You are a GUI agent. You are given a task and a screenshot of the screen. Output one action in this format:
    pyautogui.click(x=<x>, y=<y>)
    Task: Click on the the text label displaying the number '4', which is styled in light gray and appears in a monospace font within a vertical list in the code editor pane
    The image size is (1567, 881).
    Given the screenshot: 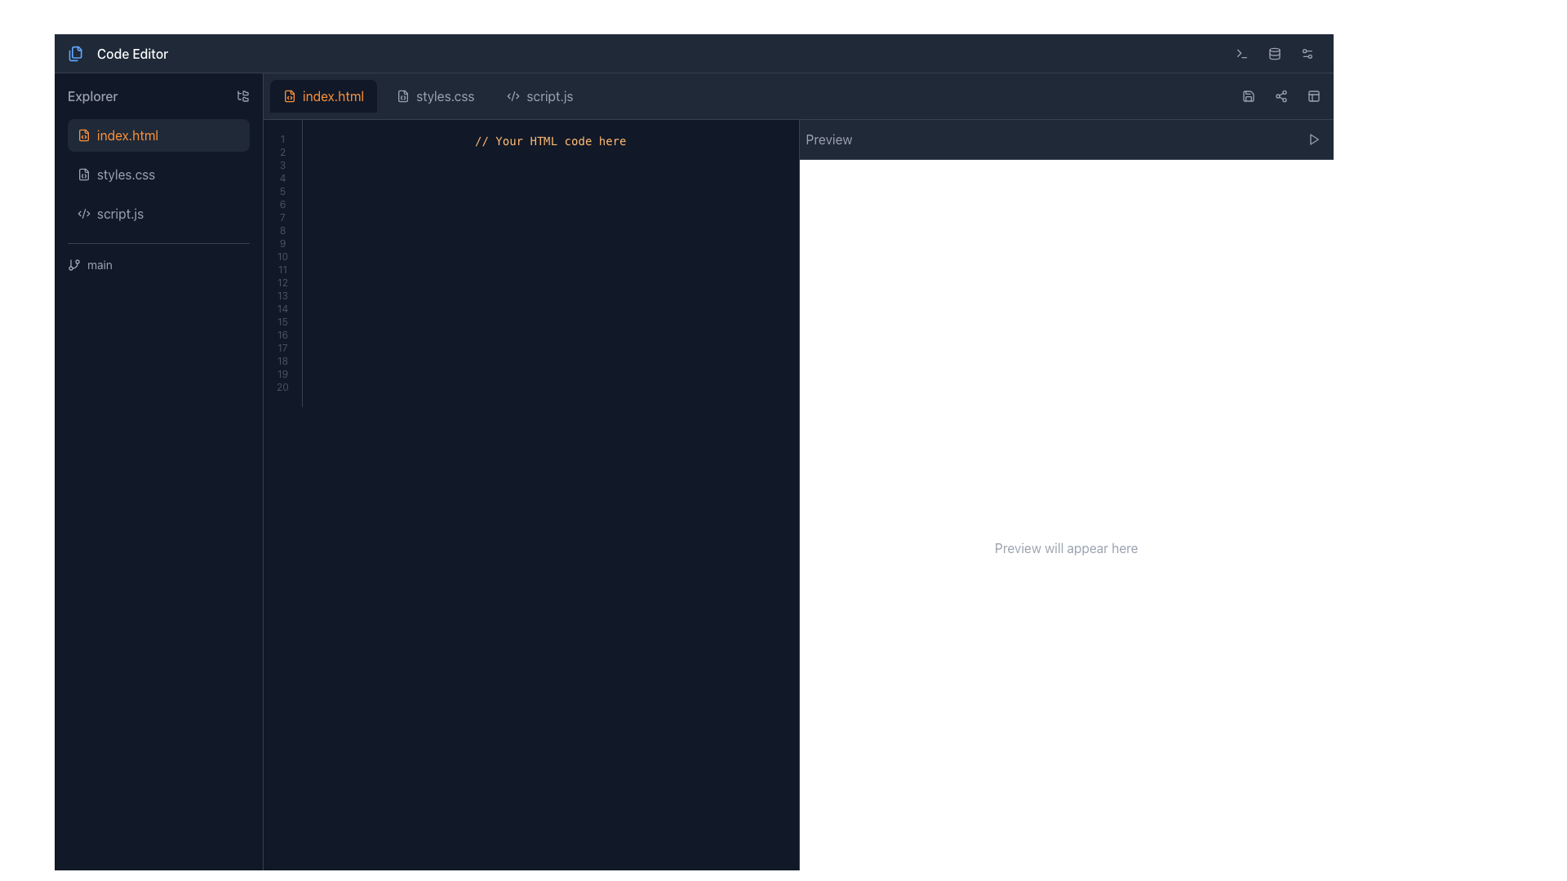 What is the action you would take?
    pyautogui.click(x=282, y=179)
    